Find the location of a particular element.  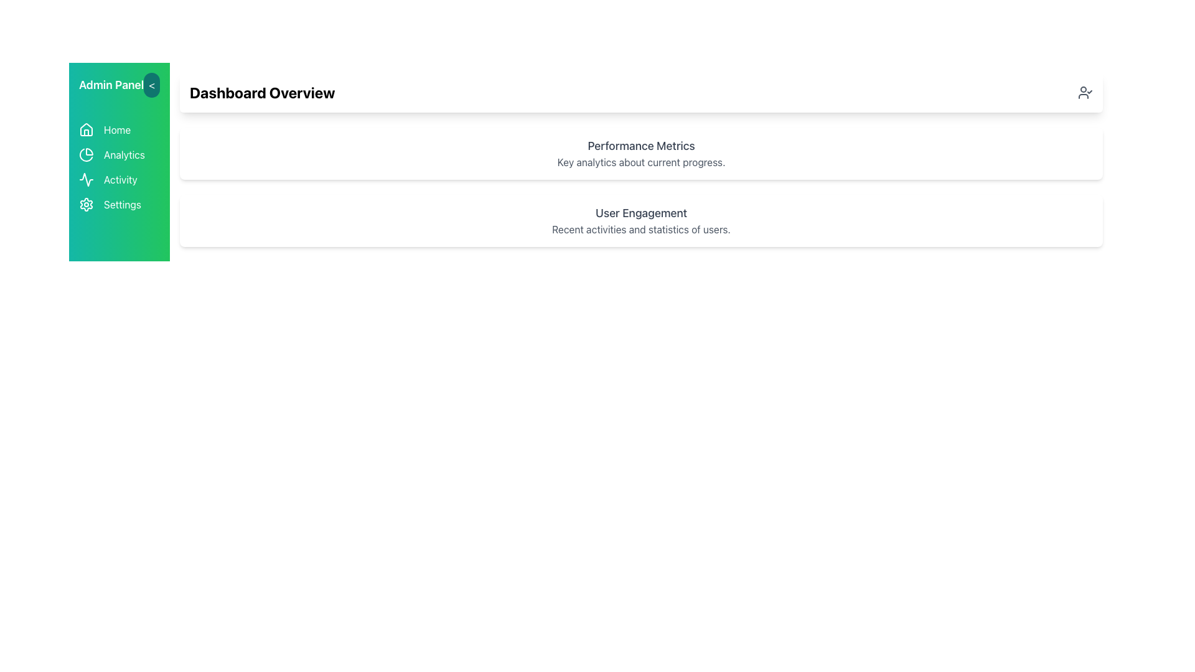

the third navigation option in the sidebar, which allows the user is located at coordinates (119, 167).